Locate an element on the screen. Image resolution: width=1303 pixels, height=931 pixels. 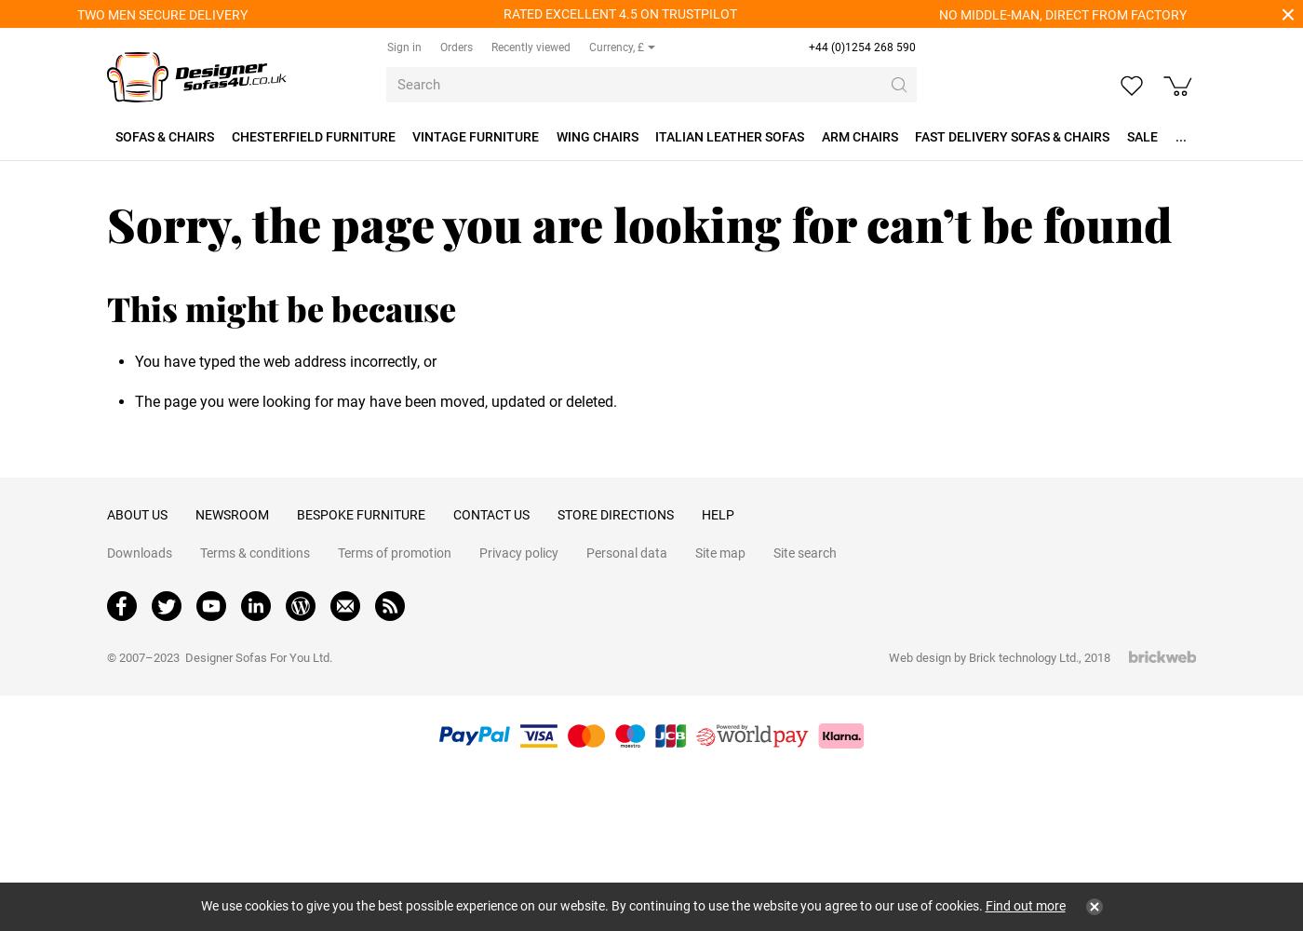
'Store Directions' is located at coordinates (615, 515).